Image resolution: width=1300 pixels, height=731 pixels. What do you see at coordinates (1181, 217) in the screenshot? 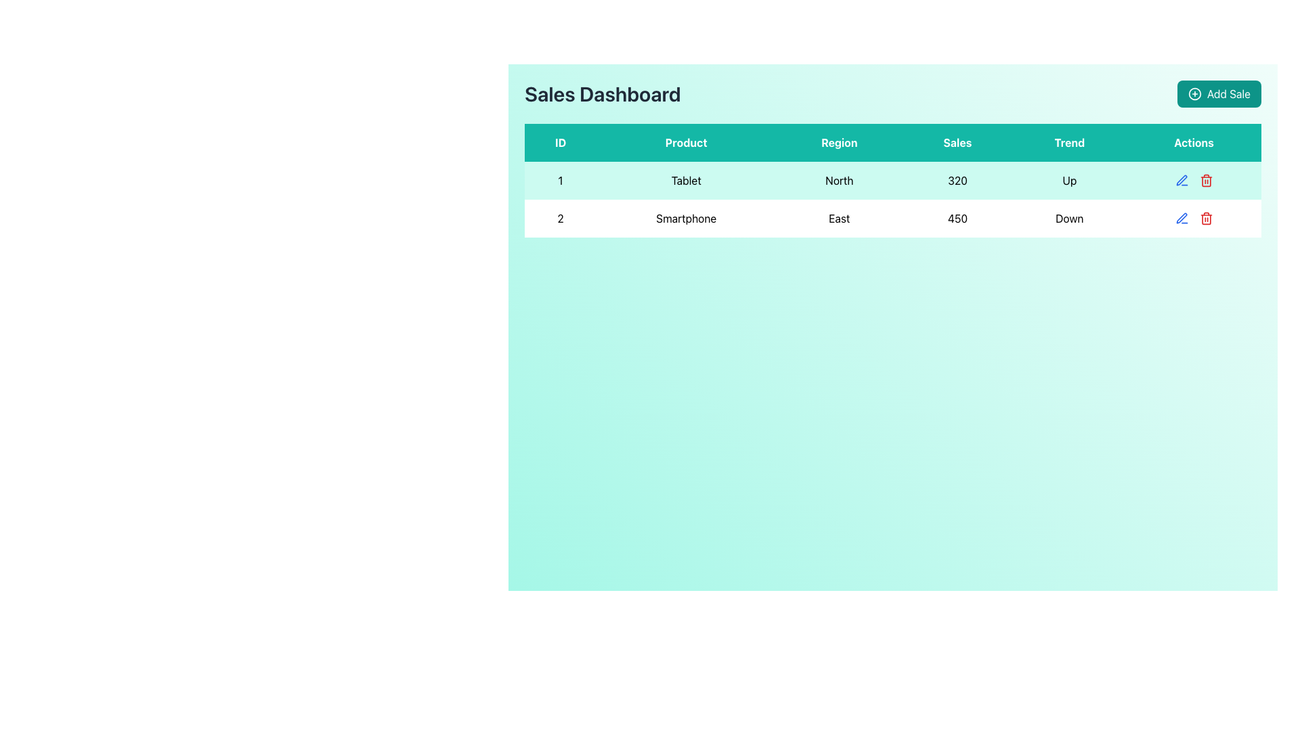
I see `the pen-like icon in the 'Actions' column of the table for the 'Smartphone' entry` at bounding box center [1181, 217].